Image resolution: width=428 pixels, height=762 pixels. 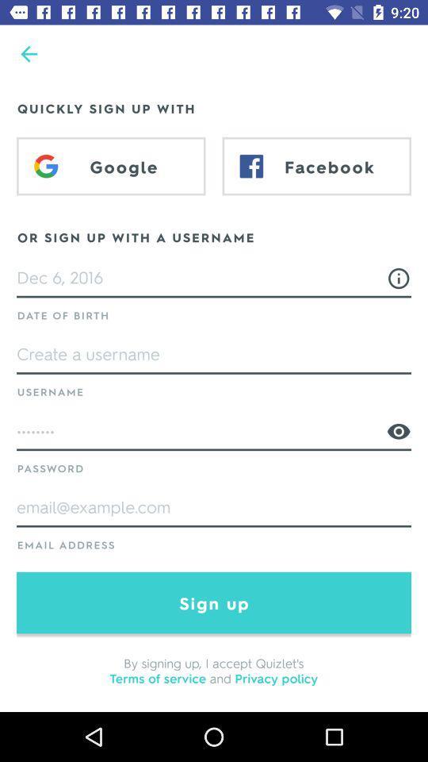 I want to click on the icon next to facebook icon, so click(x=110, y=166).